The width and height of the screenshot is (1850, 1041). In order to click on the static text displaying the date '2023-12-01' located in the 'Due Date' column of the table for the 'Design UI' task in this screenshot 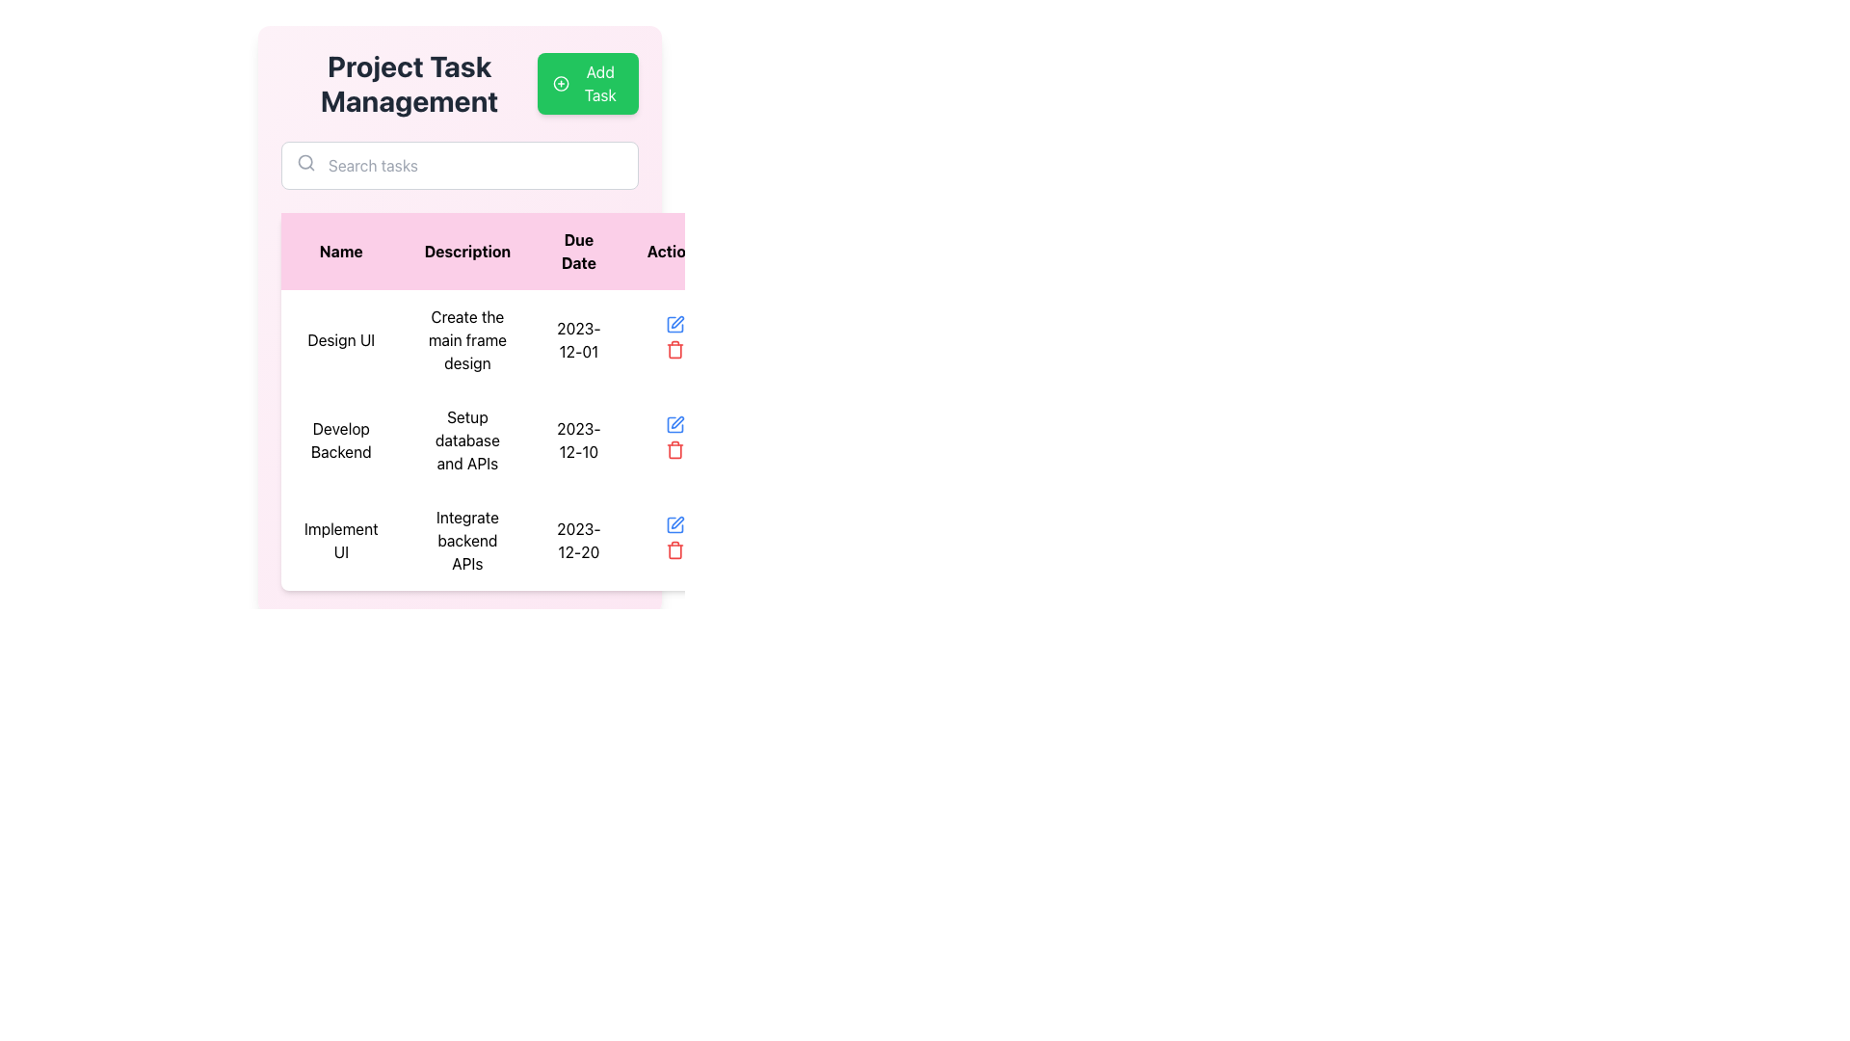, I will do `click(577, 339)`.